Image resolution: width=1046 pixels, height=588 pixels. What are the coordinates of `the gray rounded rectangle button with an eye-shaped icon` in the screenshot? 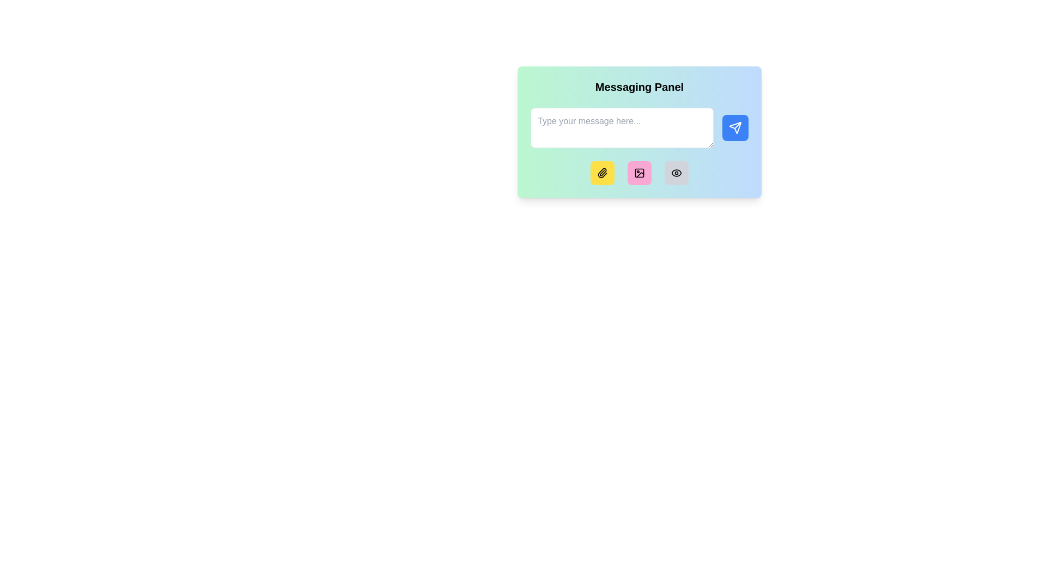 It's located at (676, 172).